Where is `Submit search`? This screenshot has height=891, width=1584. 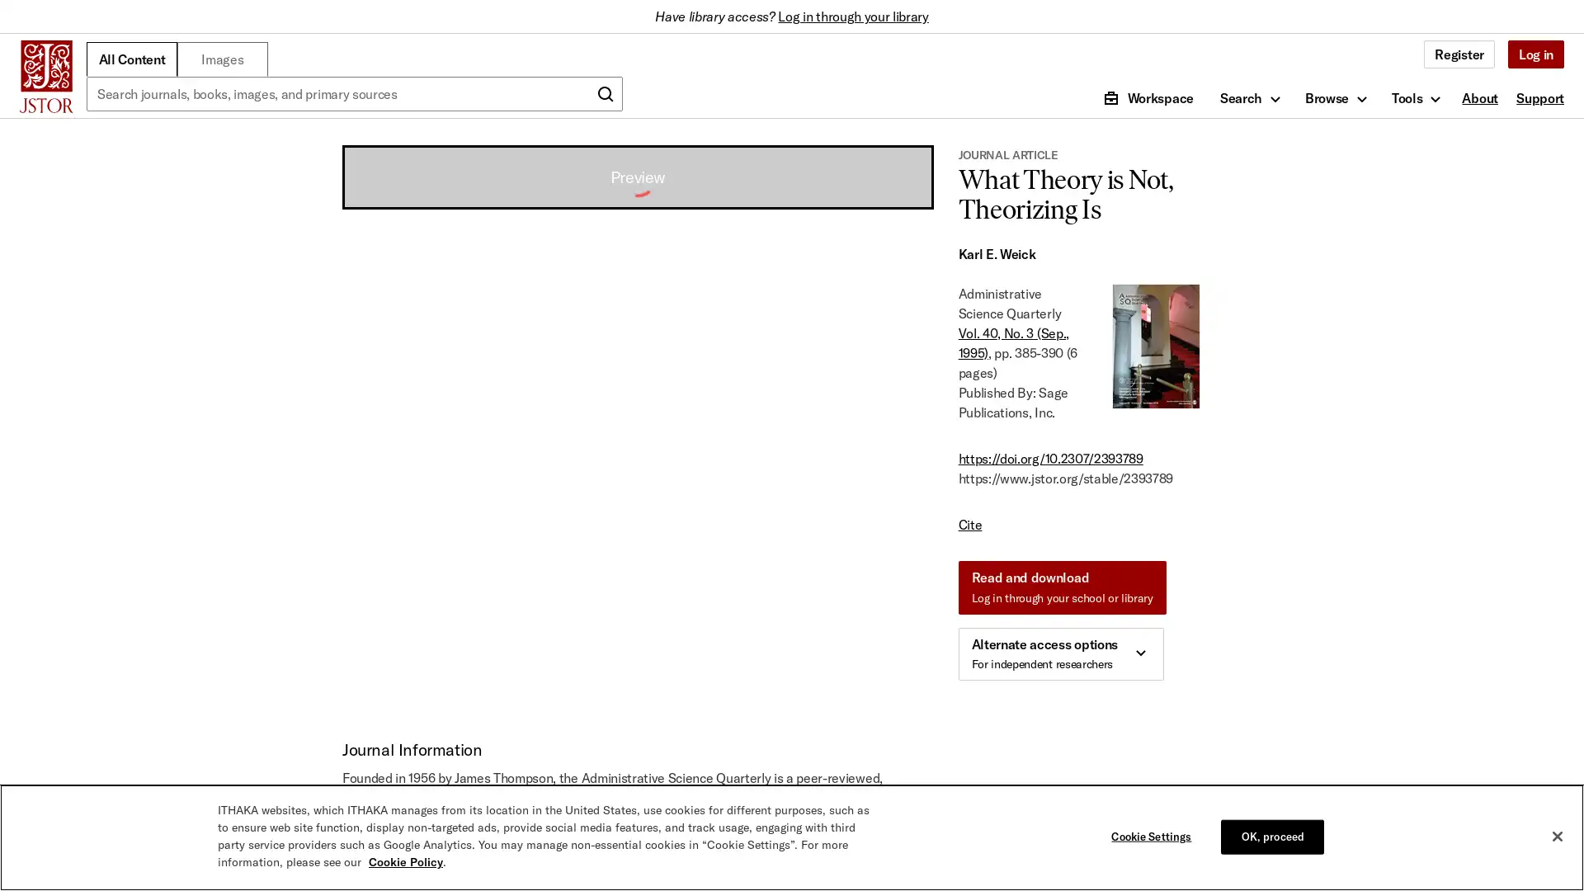
Submit search is located at coordinates (605, 94).